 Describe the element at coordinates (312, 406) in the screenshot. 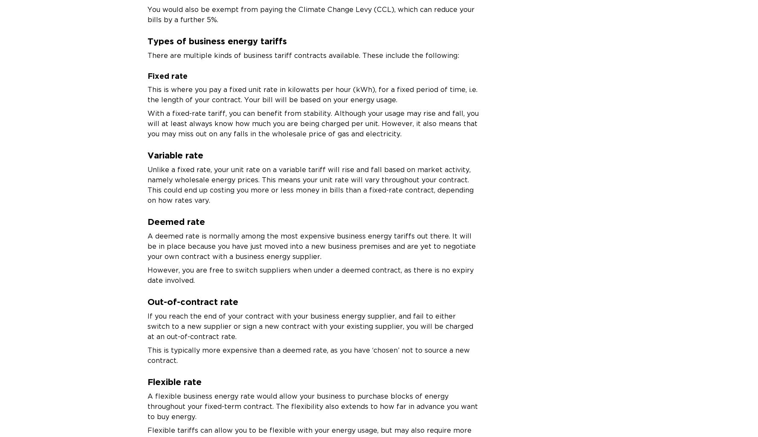

I see `'A flexible business energy rate would allow your business to purchase blocks of energy throughout your fixed-term contract. The flexibility also extends to how far in advance you want to buy energy.'` at that location.